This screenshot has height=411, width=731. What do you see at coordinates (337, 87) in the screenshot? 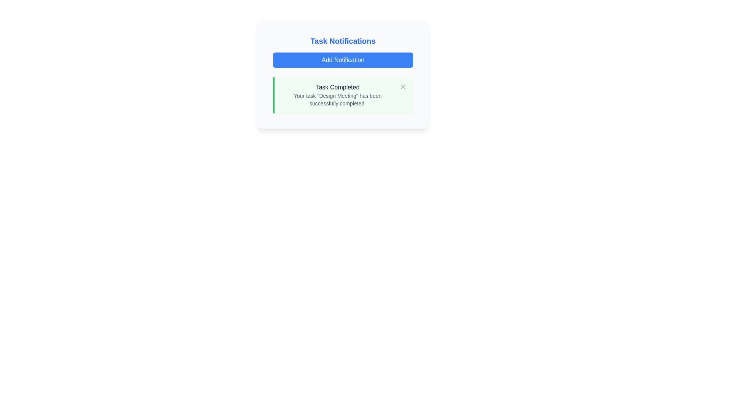
I see `the text label displaying 'Task Completed', which is styled with a medium-weight font in dark gray against a light green background, indicating a successful completion message` at bounding box center [337, 87].